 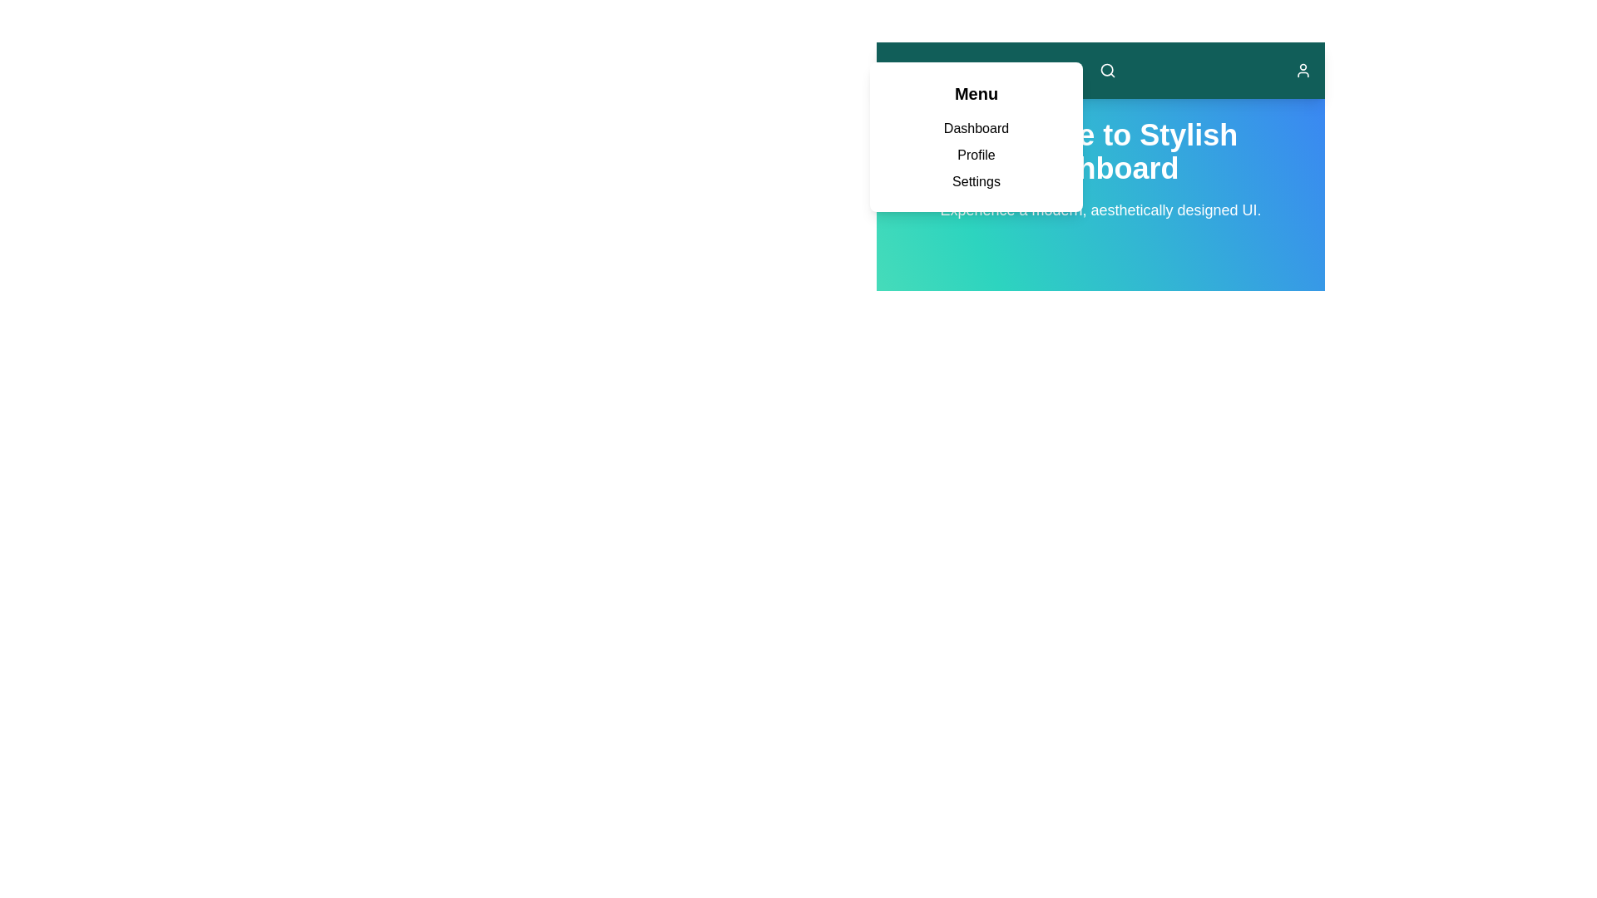 I want to click on the menu link corresponding to Settings, so click(x=976, y=181).